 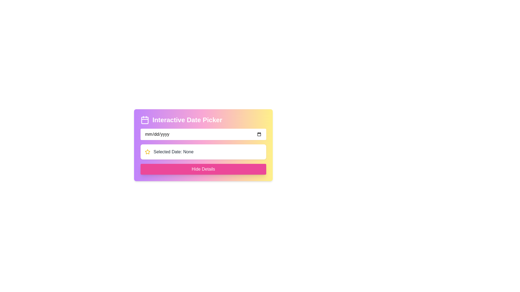 What do you see at coordinates (148, 152) in the screenshot?
I see `the star icon, which represents a selectable rating or favorite mark, positioned to the left of the text 'Selected Date: None'` at bounding box center [148, 152].